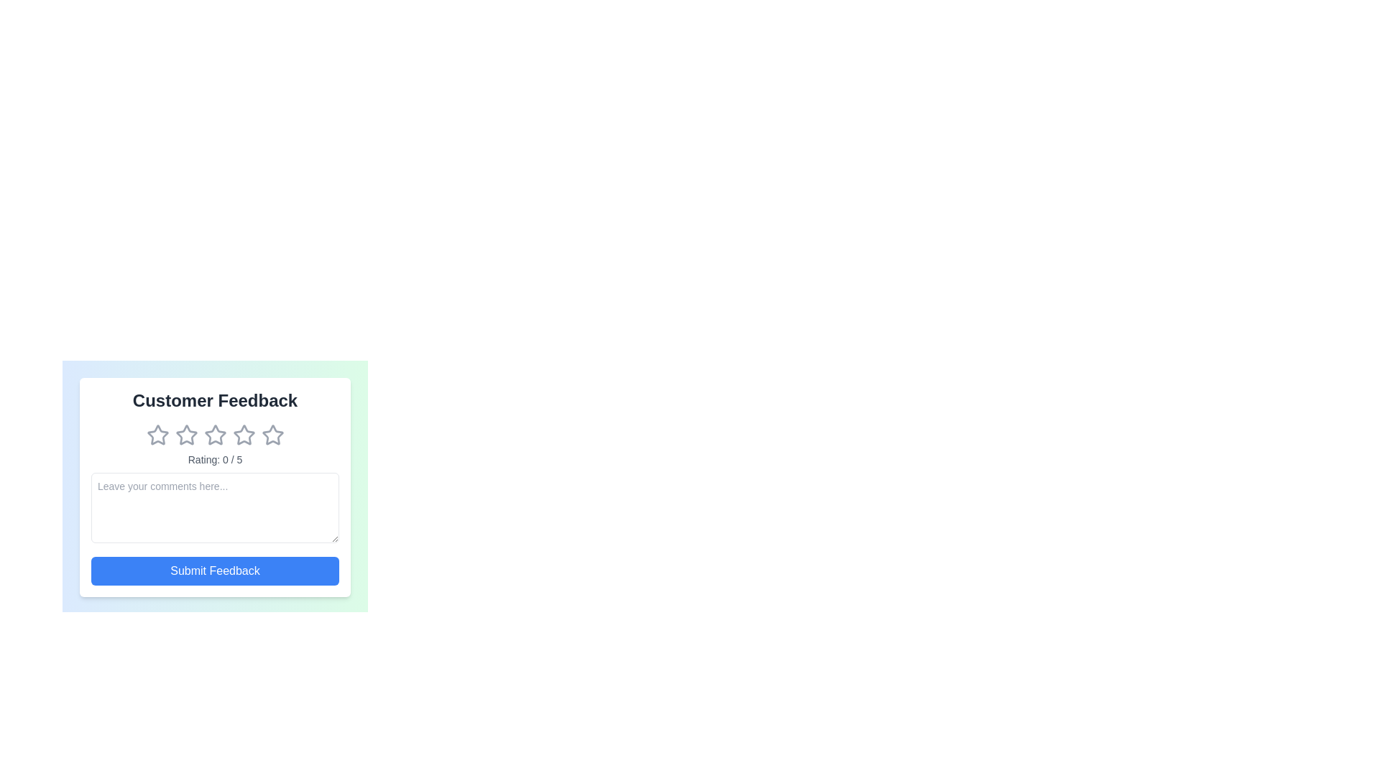 The image size is (1380, 776). What do you see at coordinates (272, 434) in the screenshot?
I see `the star corresponding to the 5 rating` at bounding box center [272, 434].